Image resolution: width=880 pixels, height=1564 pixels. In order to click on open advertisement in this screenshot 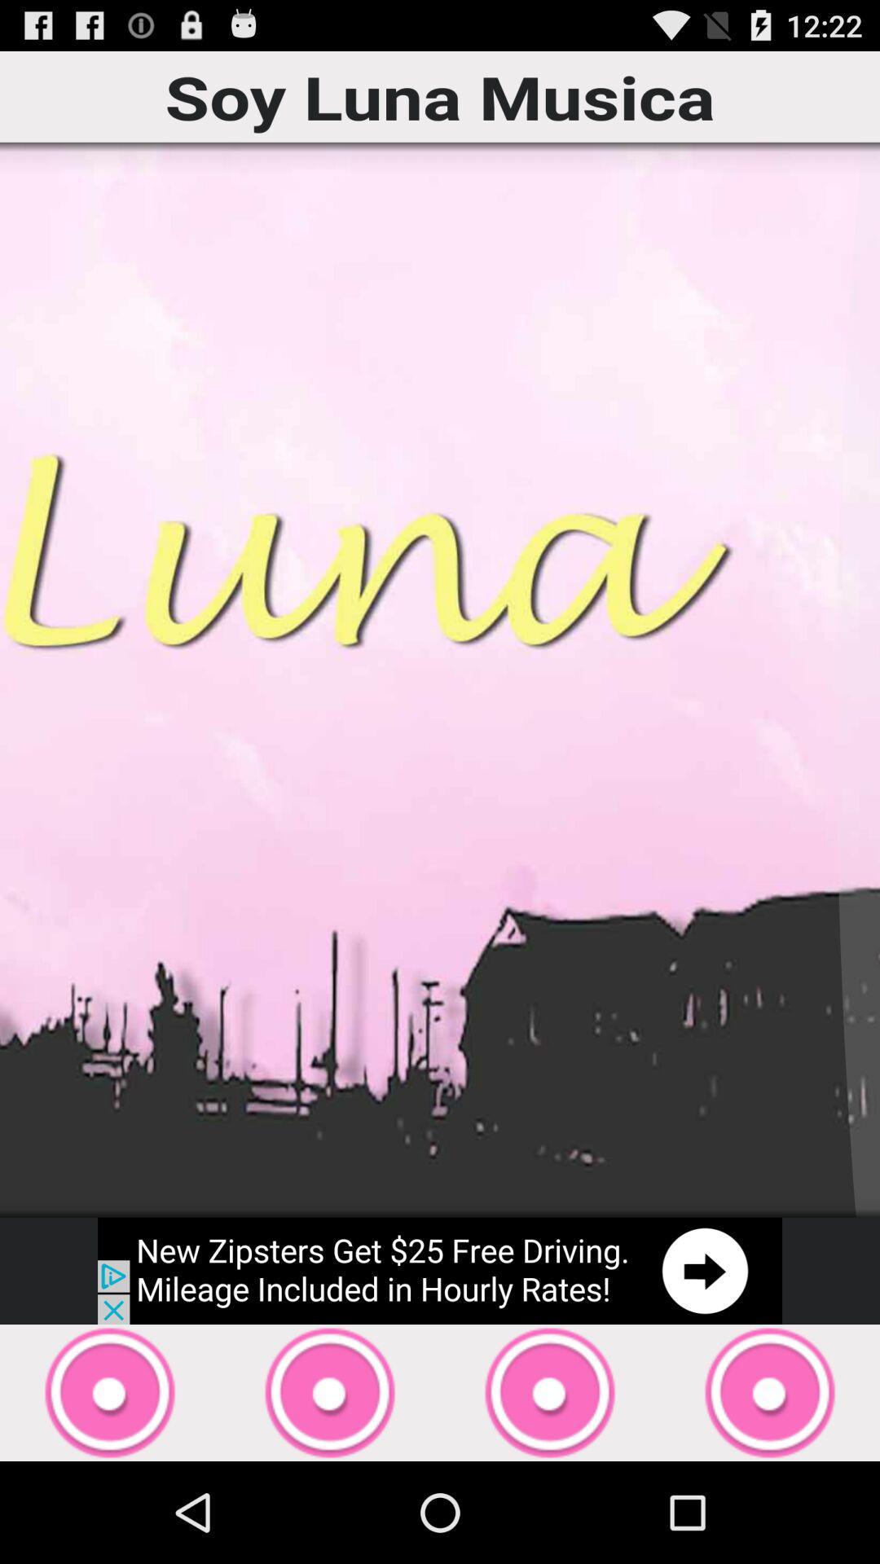, I will do `click(440, 1270)`.